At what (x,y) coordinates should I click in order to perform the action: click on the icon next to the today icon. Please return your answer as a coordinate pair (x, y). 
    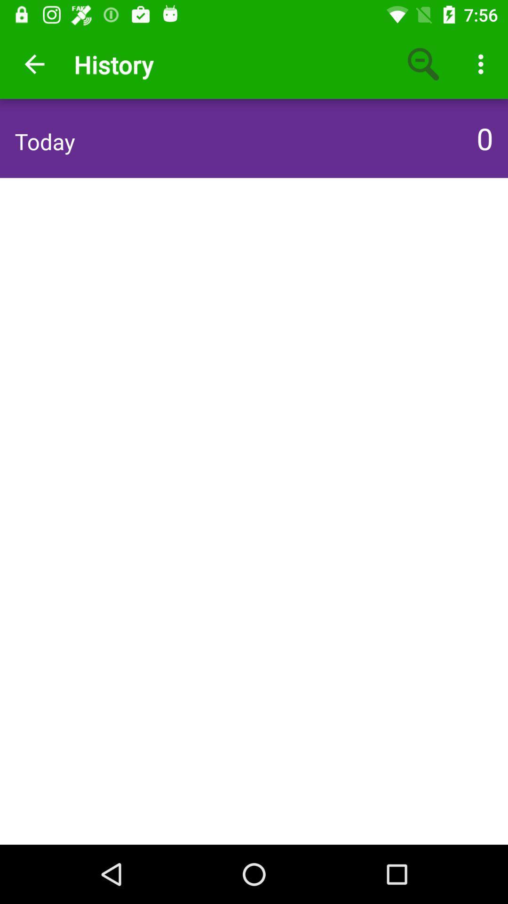
    Looking at the image, I should click on (482, 137).